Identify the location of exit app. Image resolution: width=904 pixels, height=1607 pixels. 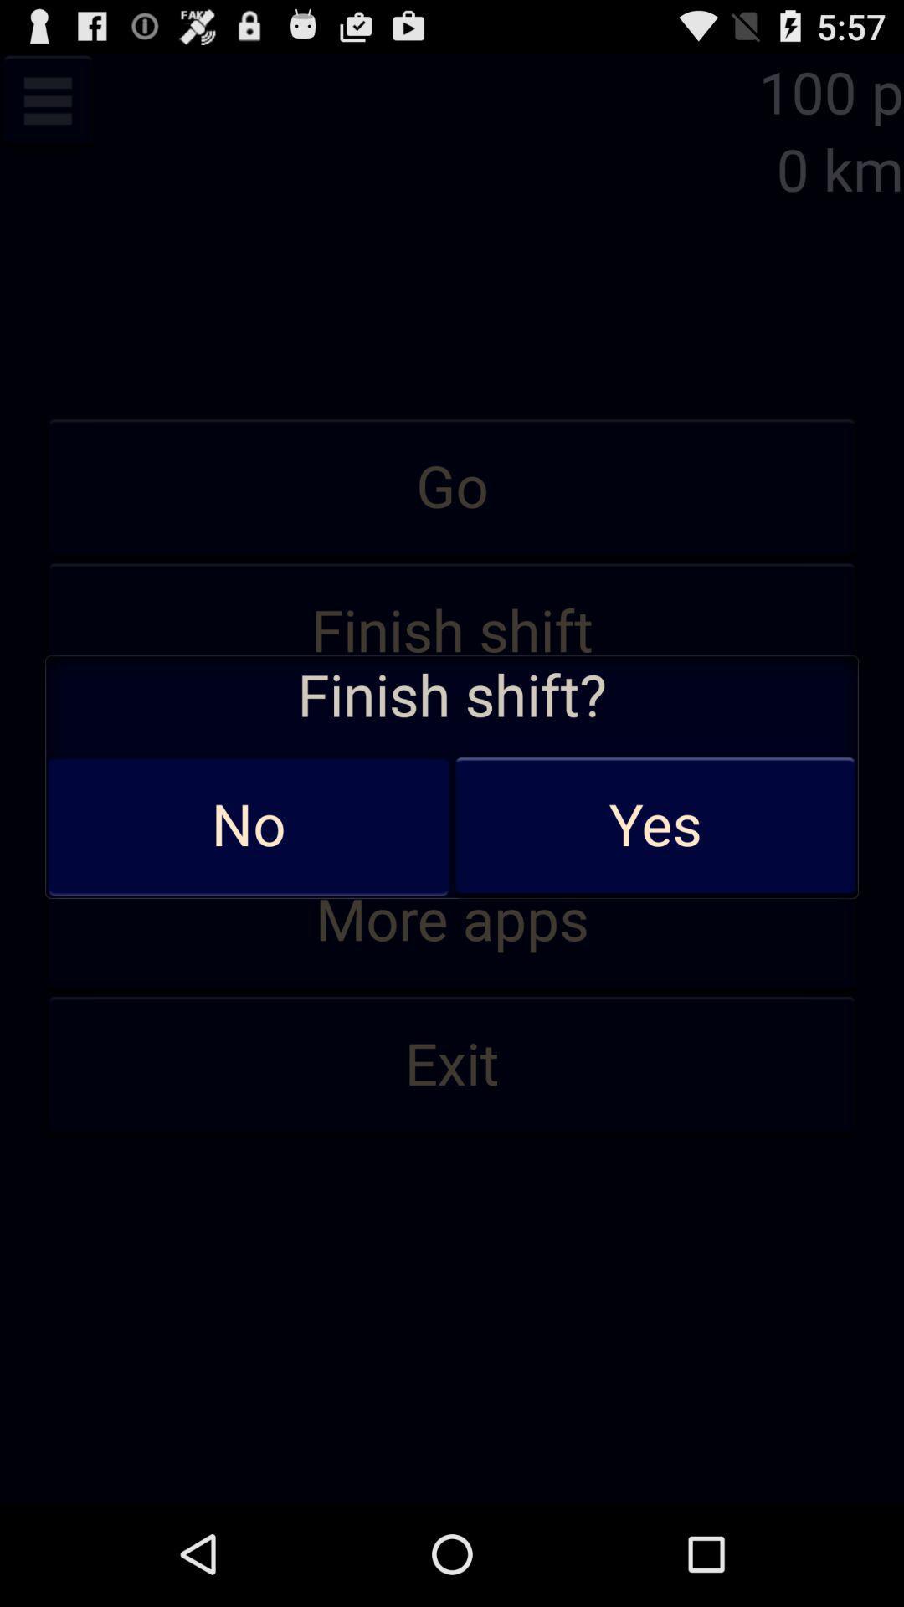
(452, 1065).